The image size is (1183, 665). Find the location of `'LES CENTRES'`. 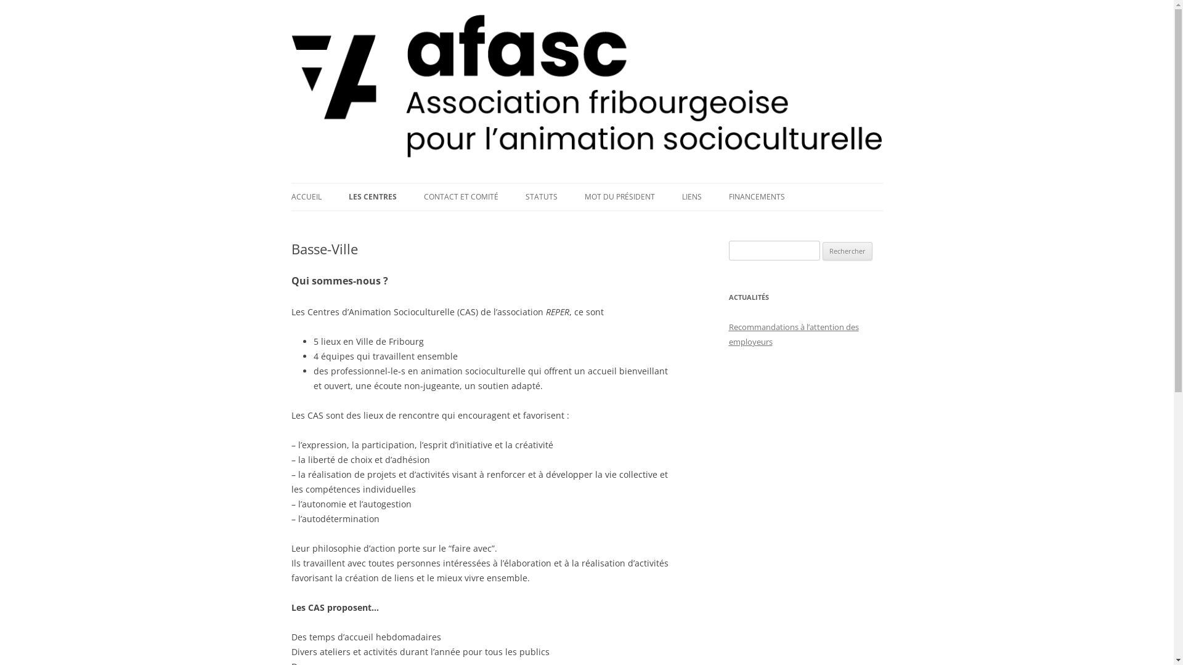

'LES CENTRES' is located at coordinates (372, 196).